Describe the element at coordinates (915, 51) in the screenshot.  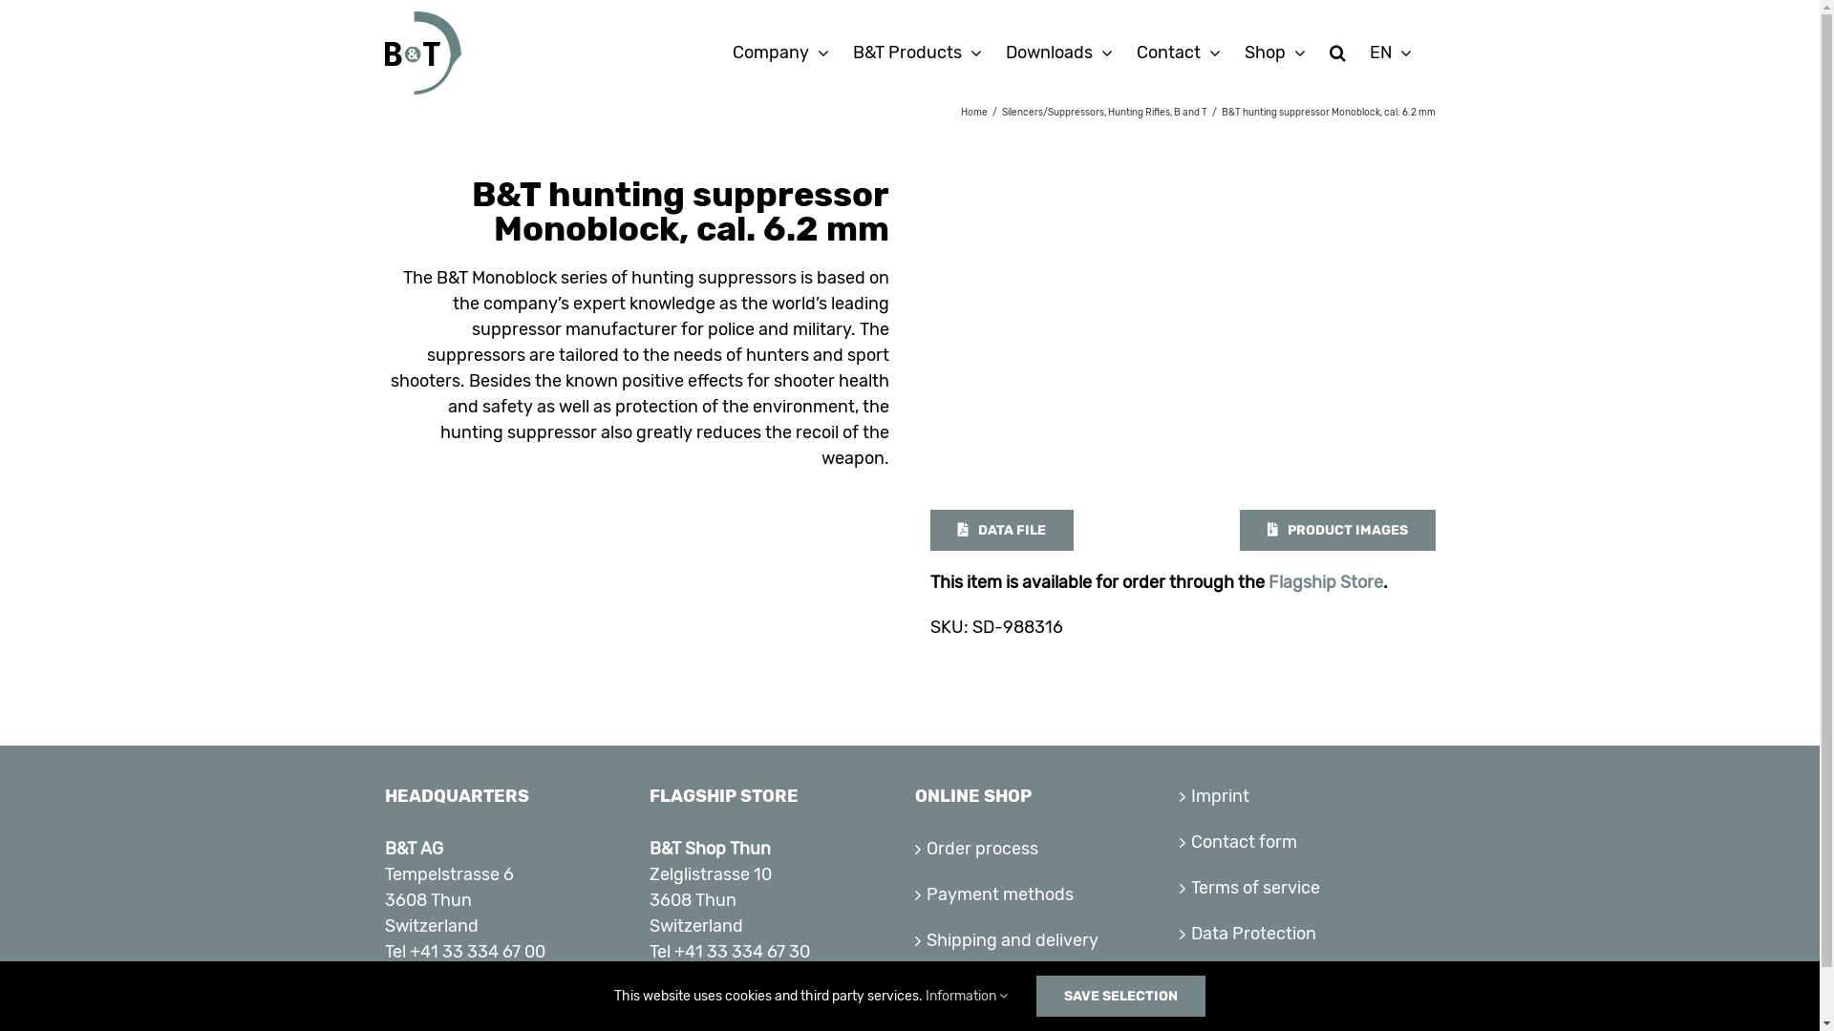
I see `'B&T Products'` at that location.